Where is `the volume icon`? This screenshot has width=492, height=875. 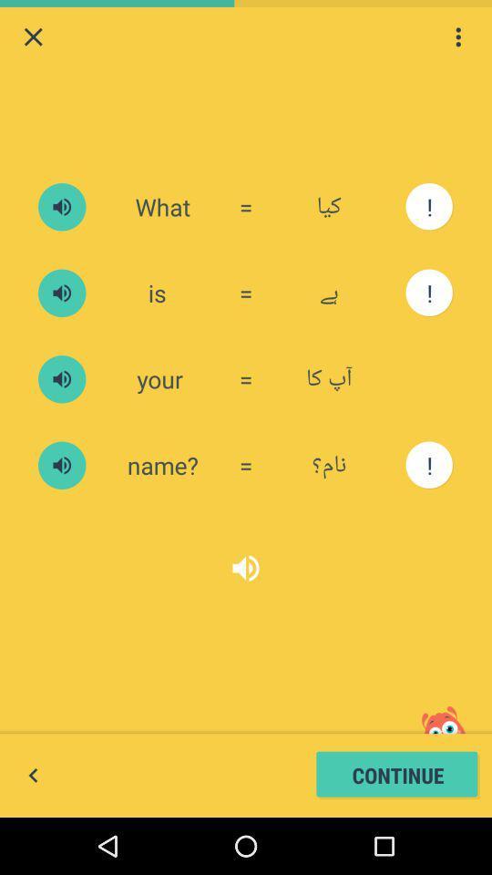 the volume icon is located at coordinates (246, 608).